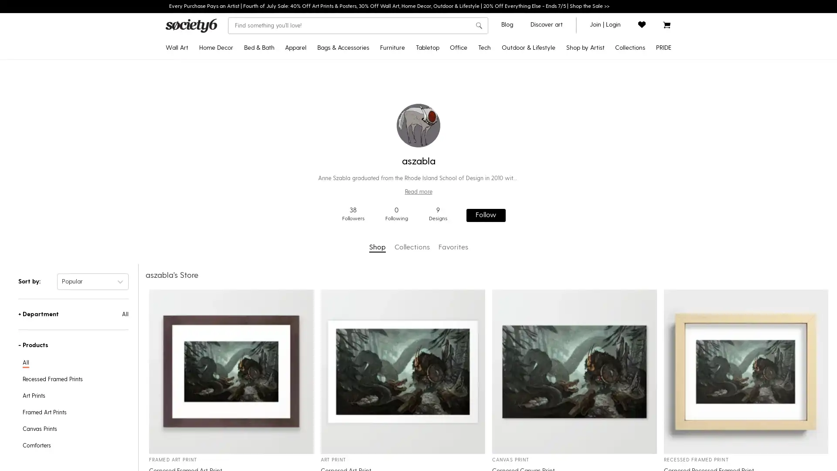 The height and width of the screenshot is (471, 837). I want to click on Benches, so click(407, 84).